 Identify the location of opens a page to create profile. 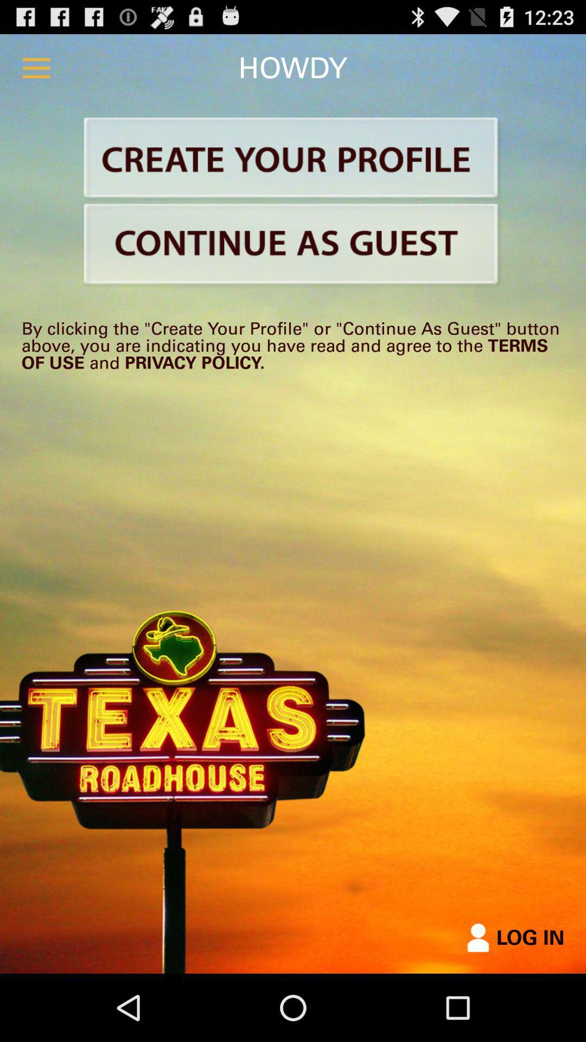
(293, 159).